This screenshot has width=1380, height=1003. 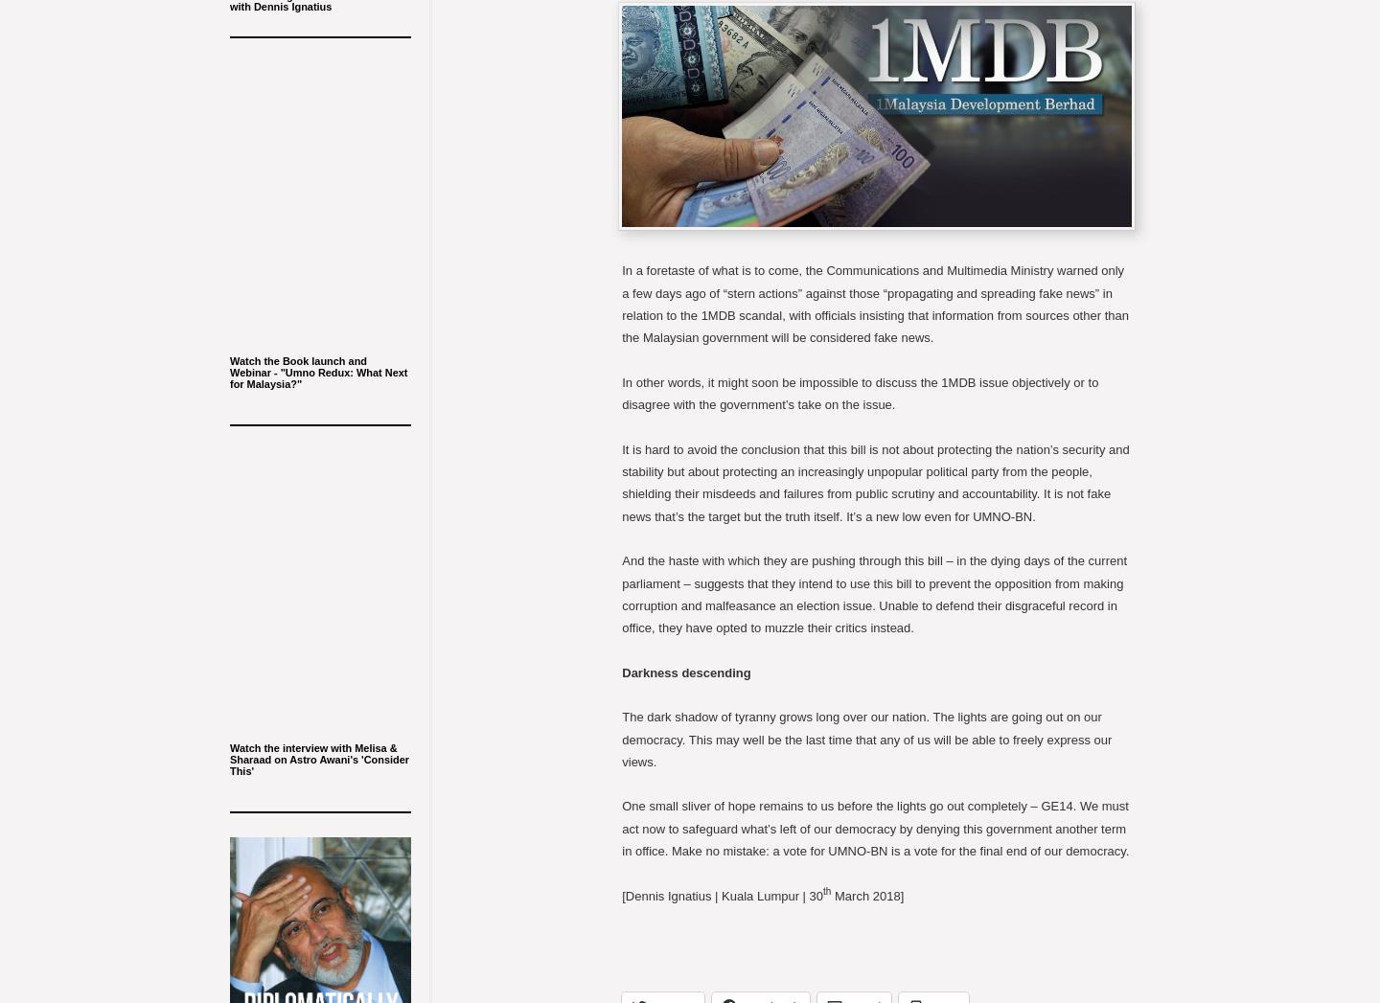 I want to click on 'And the haste with which they are pushing through this bill – in the dying days of the current parliament – suggests that they intend to use this bill to prevent the opposition from making corruption and malfeasance an election issue. Unable to defend their disgraceful record in office, they have opted to muzzle their critics instead.', so click(x=874, y=594).